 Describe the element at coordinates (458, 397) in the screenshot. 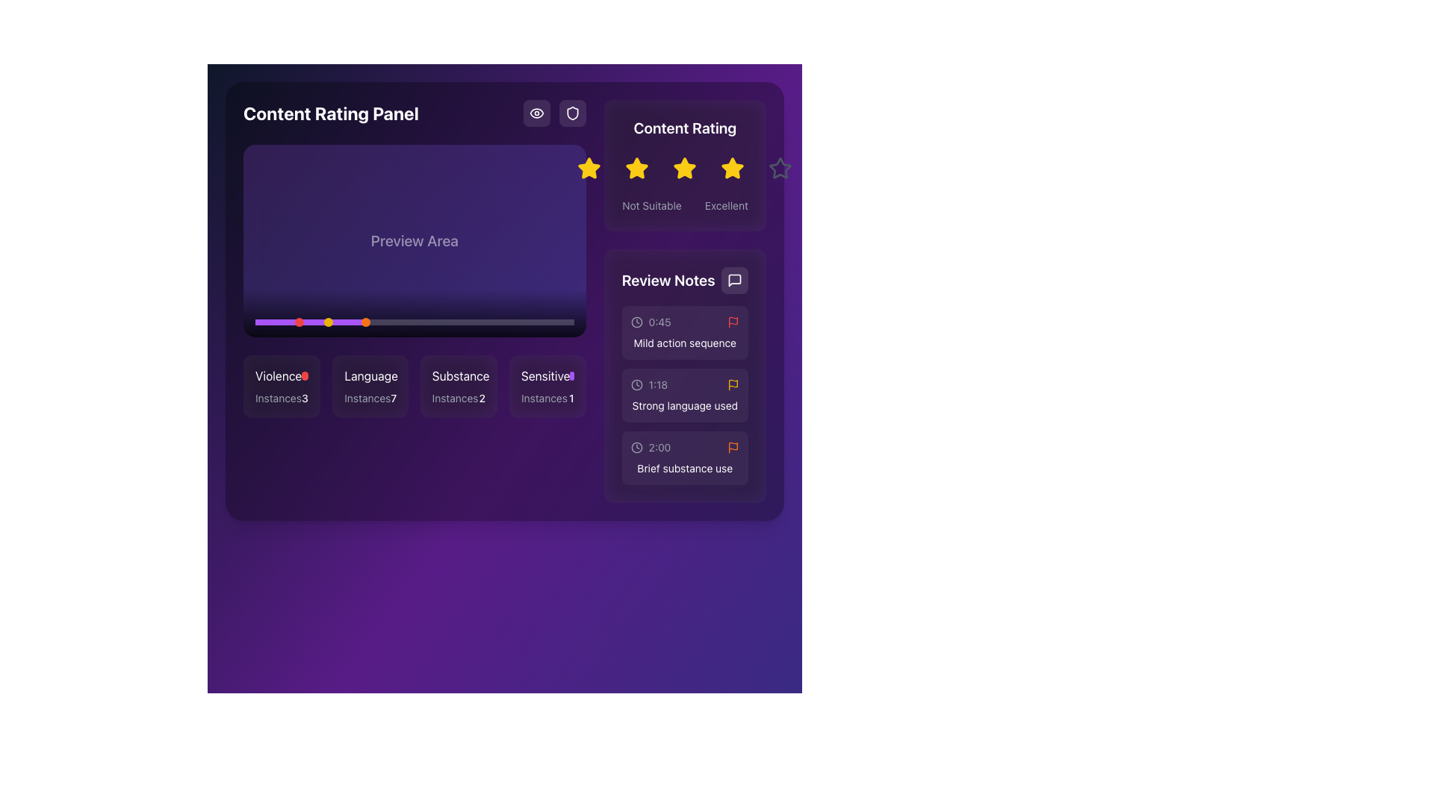

I see `the text label displaying 'Instances' with the count '2' located at the lower part of the 'Substance' card` at that location.